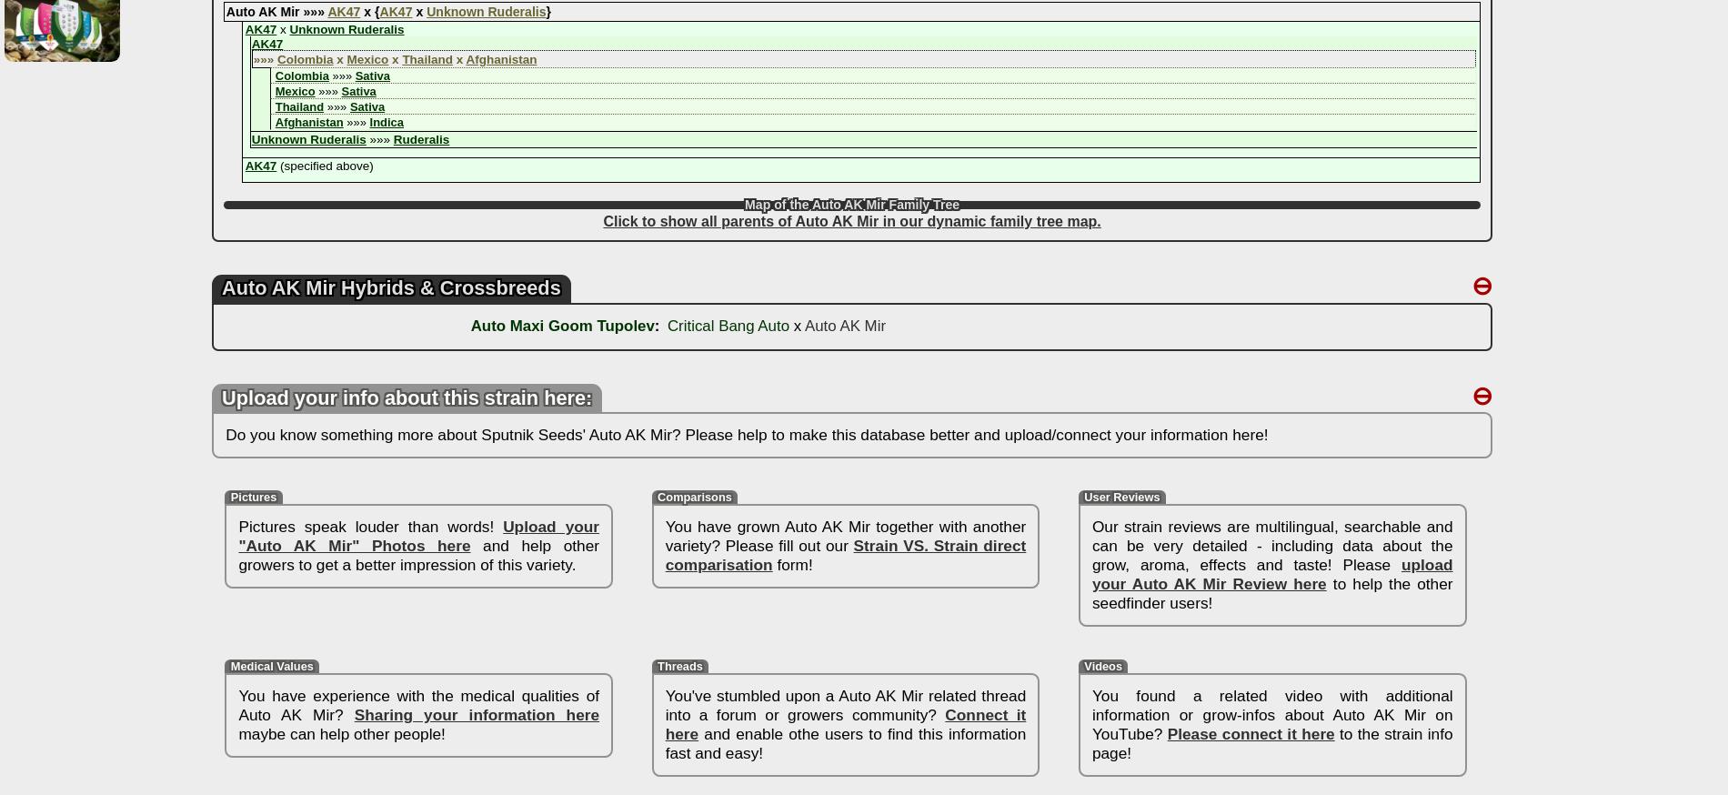 The width and height of the screenshot is (1728, 795). What do you see at coordinates (389, 287) in the screenshot?
I see `'Auto AK Mir Hybrids & Crossbreeds'` at bounding box center [389, 287].